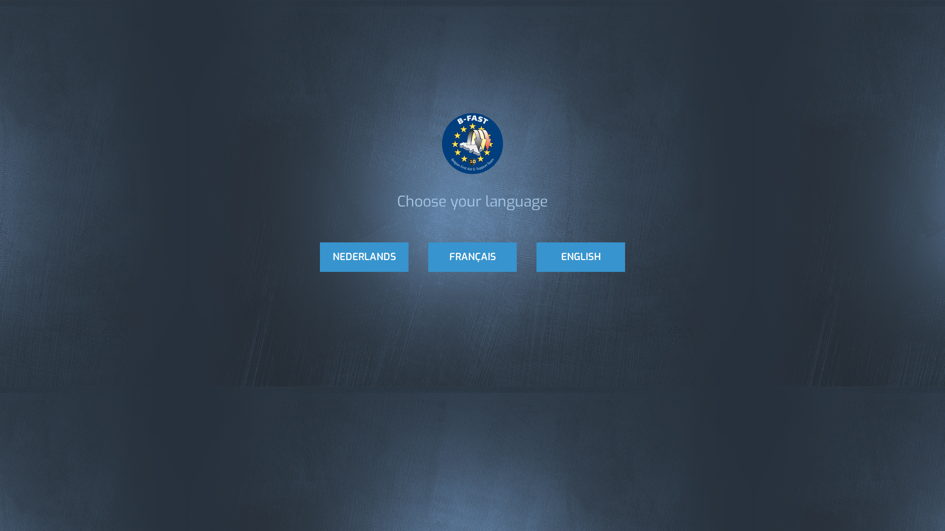 The height and width of the screenshot is (531, 945). Describe the element at coordinates (38, 0) in the screenshot. I see `'Aller au contenu principal'` at that location.